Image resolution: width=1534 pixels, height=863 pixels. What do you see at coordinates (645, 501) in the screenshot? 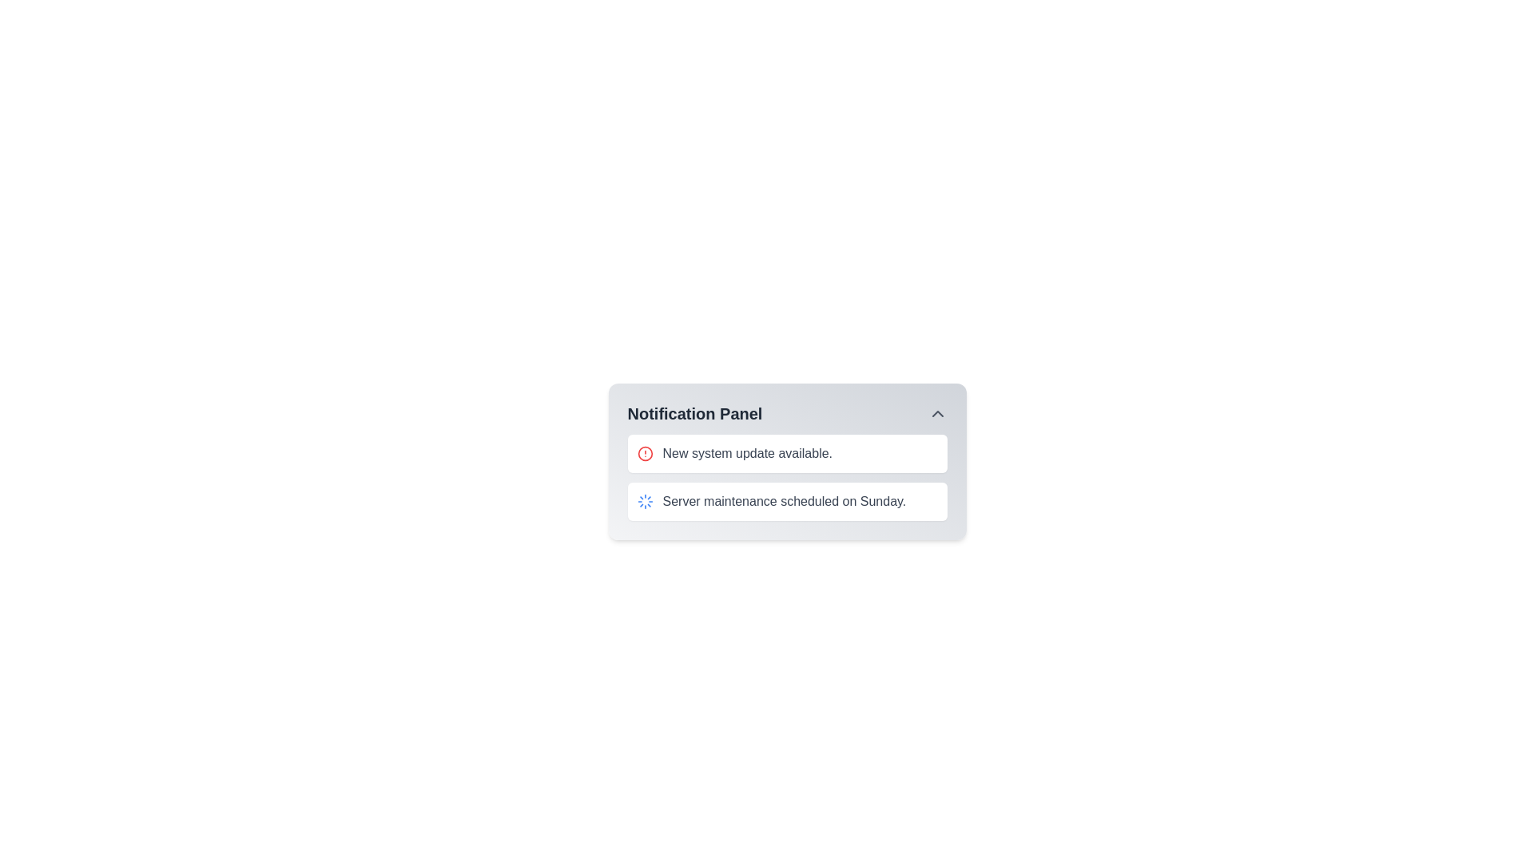
I see `the blue circular spinning loader icon, which resembles a gear or wheel, located in the second notification entry of the Notification Panel, to the left of the text 'Server maintenance scheduled on Sunday.'` at bounding box center [645, 501].